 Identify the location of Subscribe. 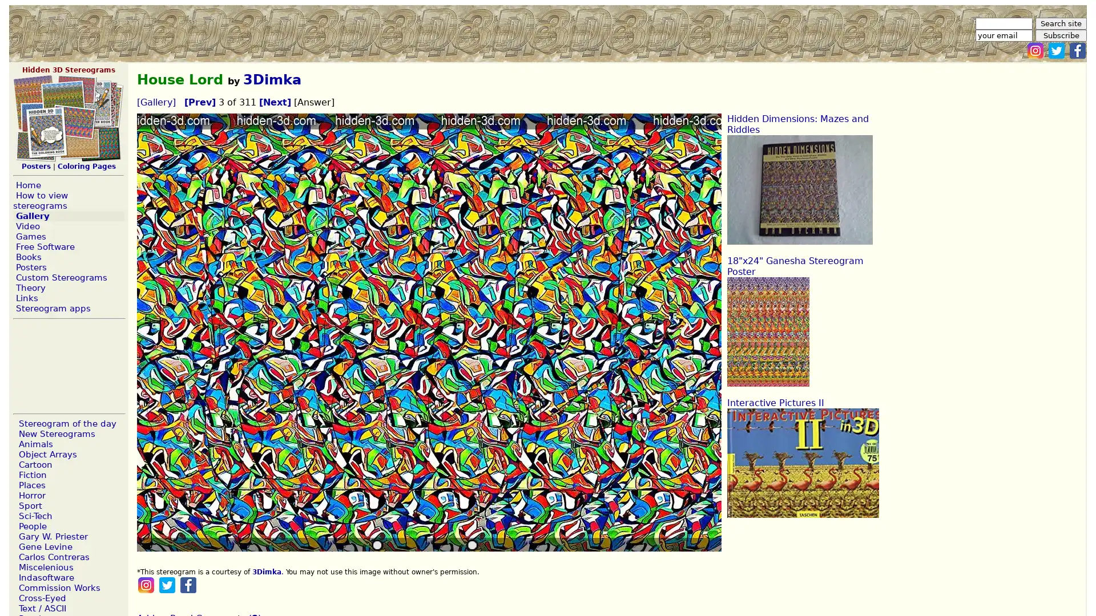
(1060, 35).